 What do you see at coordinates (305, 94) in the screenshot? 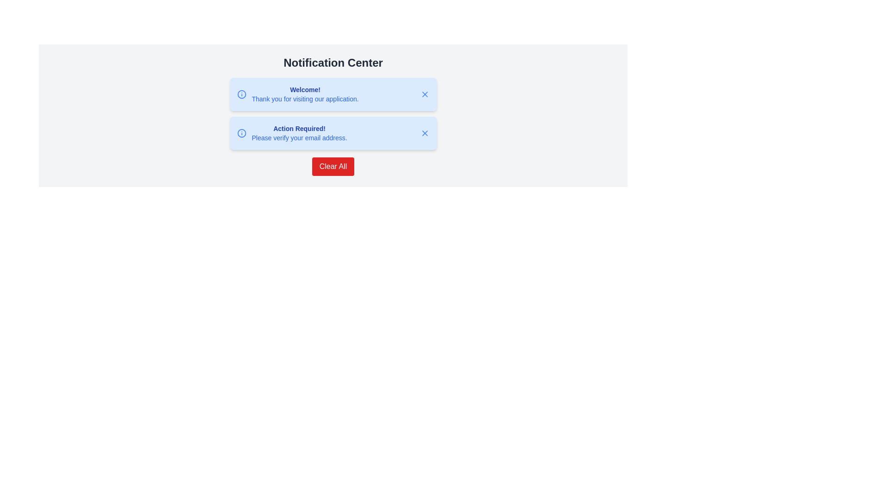
I see `the welcome message Text Block located in the notification center, positioned between a blue circular icon and a close button (an 'X')` at bounding box center [305, 94].